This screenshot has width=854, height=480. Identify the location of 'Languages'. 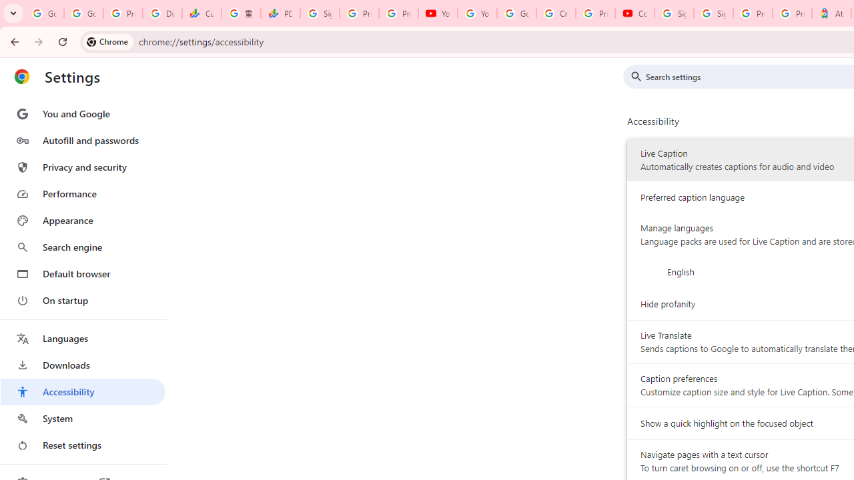
(82, 337).